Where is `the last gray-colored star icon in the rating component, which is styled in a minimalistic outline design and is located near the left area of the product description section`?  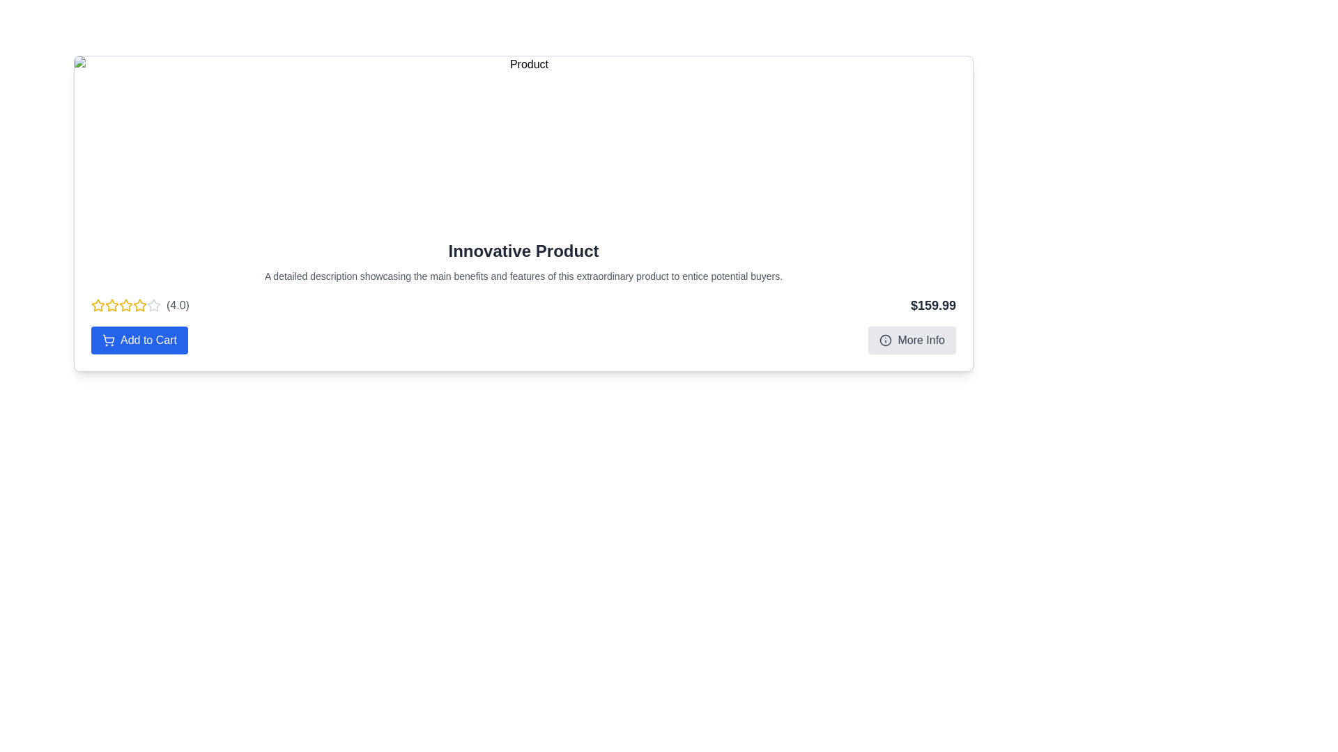
the last gray-colored star icon in the rating component, which is styled in a minimalistic outline design and is located near the left area of the product description section is located at coordinates (153, 305).